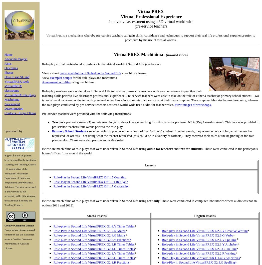 This screenshot has height=265, width=262. What do you see at coordinates (153, 200) in the screenshot?
I see `'text only'` at bounding box center [153, 200].